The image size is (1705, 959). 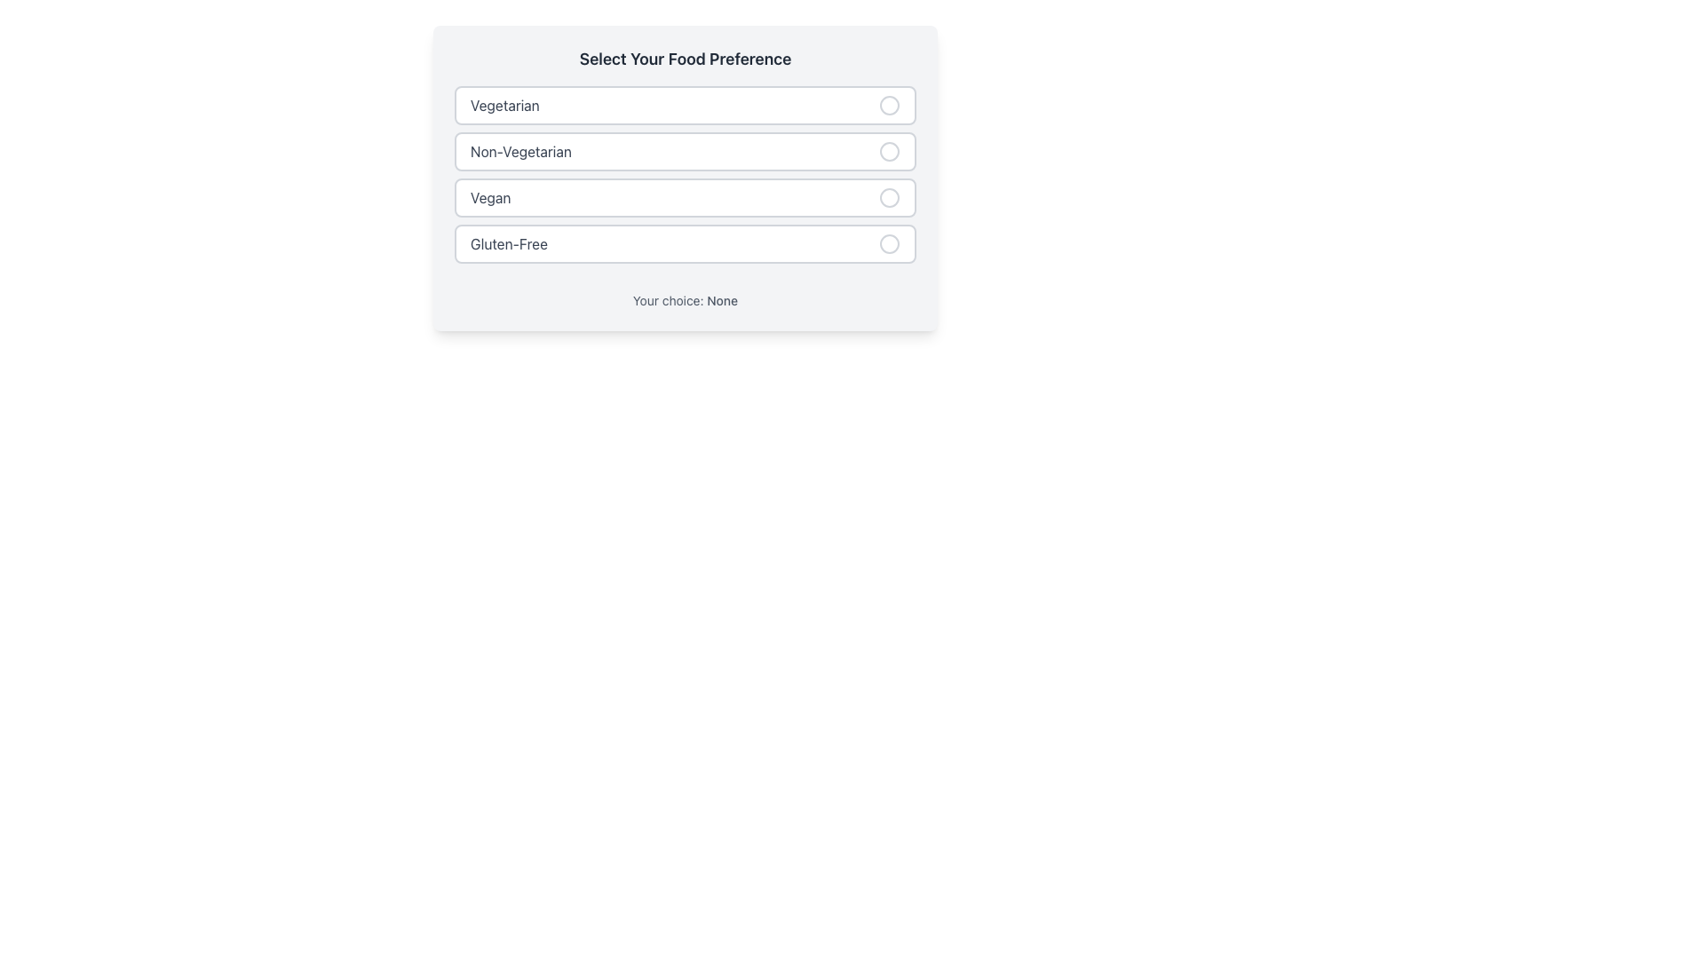 What do you see at coordinates (890, 243) in the screenshot?
I see `the circle representing the 'Gluten-Free' radio button option` at bounding box center [890, 243].